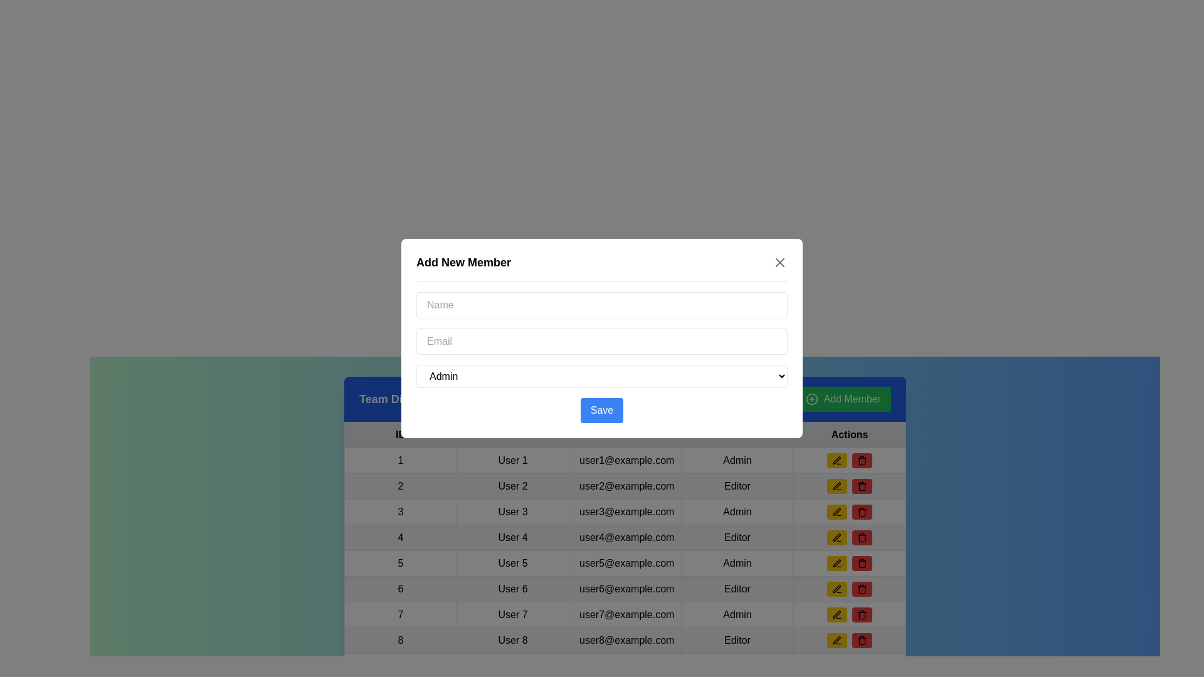  What do you see at coordinates (837, 537) in the screenshot?
I see `the pen icon button with a yellow background located in the 'Actions' column of the fourth row of the user table` at bounding box center [837, 537].